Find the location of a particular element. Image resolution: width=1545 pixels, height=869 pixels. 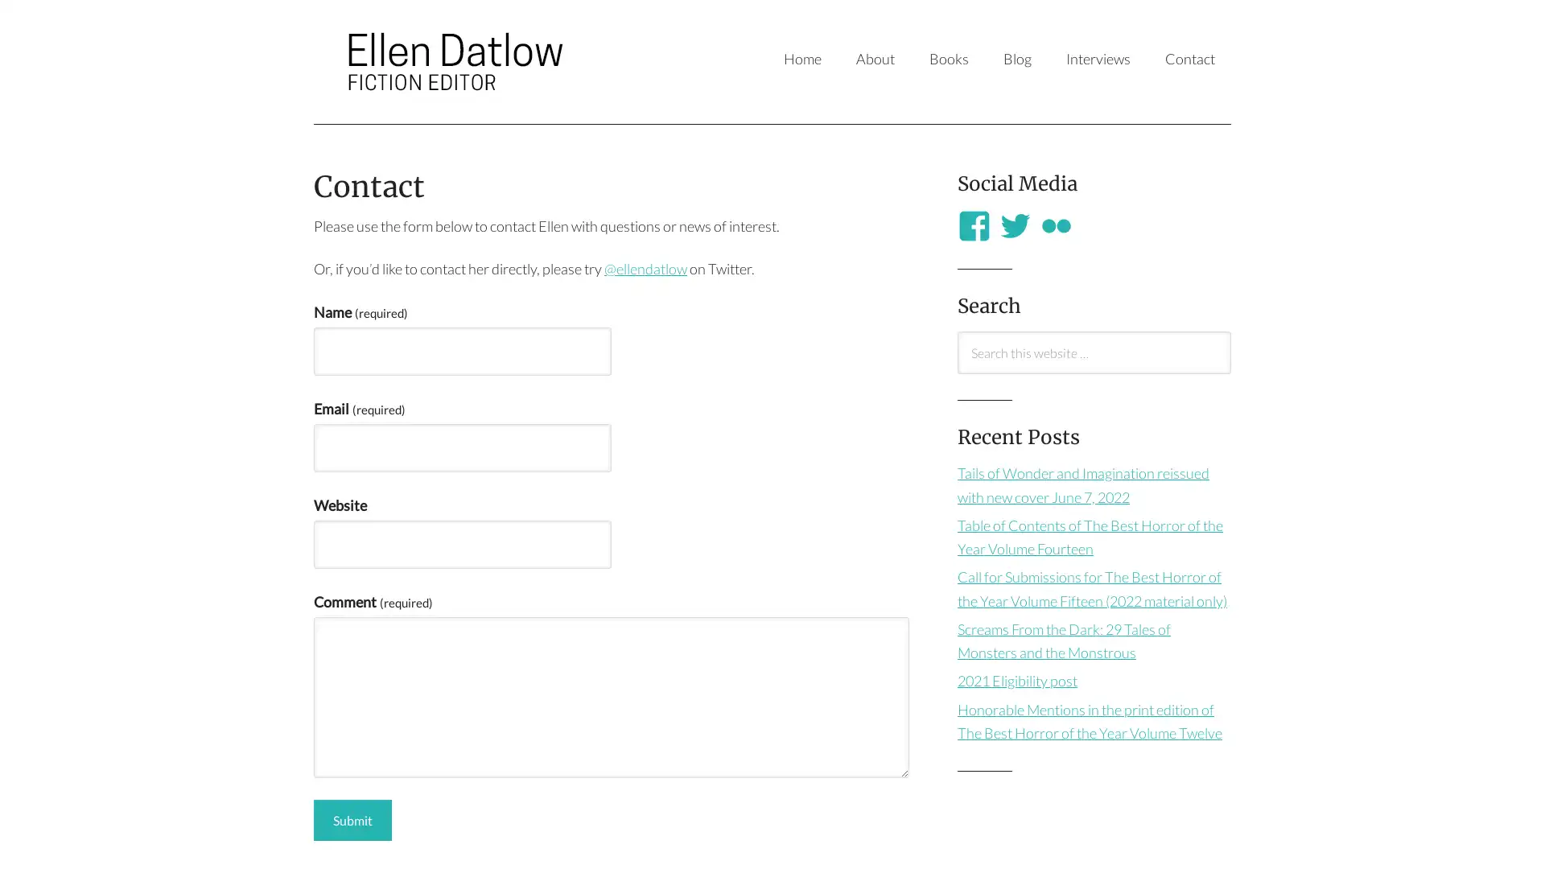

Submit is located at coordinates (352, 820).